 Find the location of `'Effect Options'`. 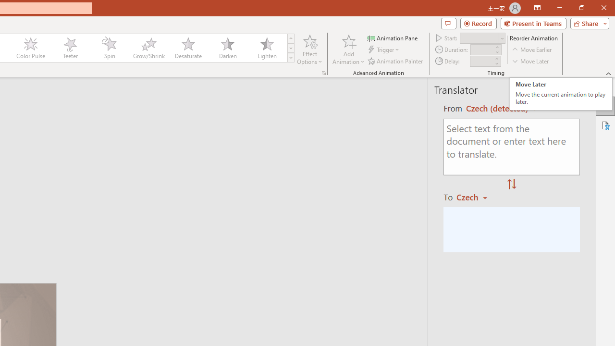

'Effect Options' is located at coordinates (310, 49).